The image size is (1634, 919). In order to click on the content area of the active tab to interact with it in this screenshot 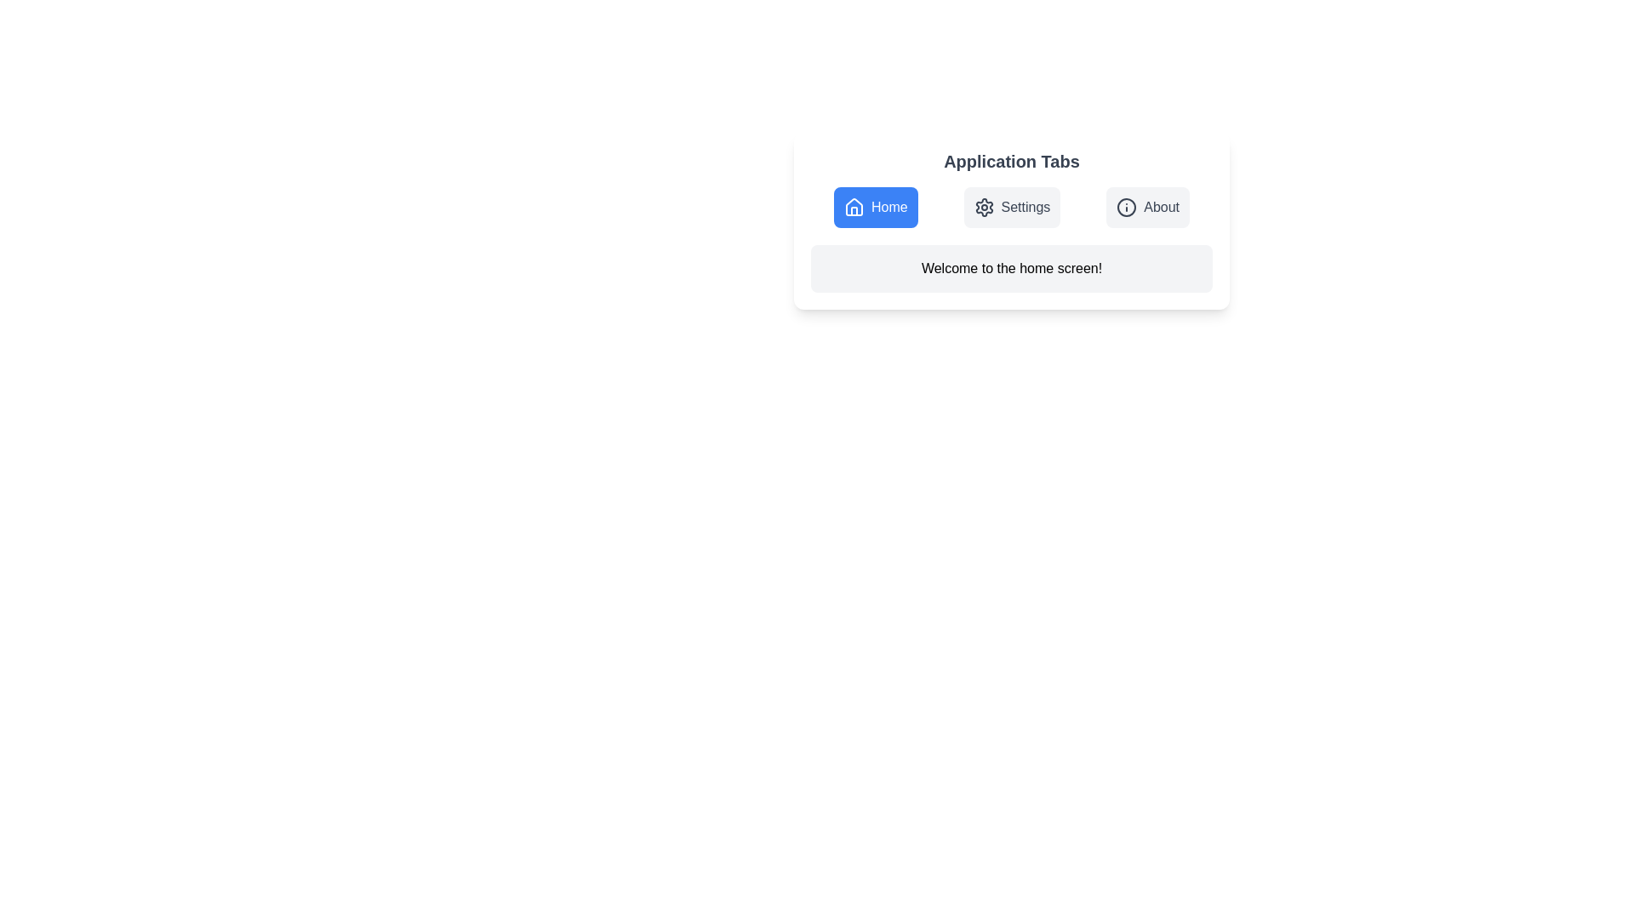, I will do `click(1012, 268)`.